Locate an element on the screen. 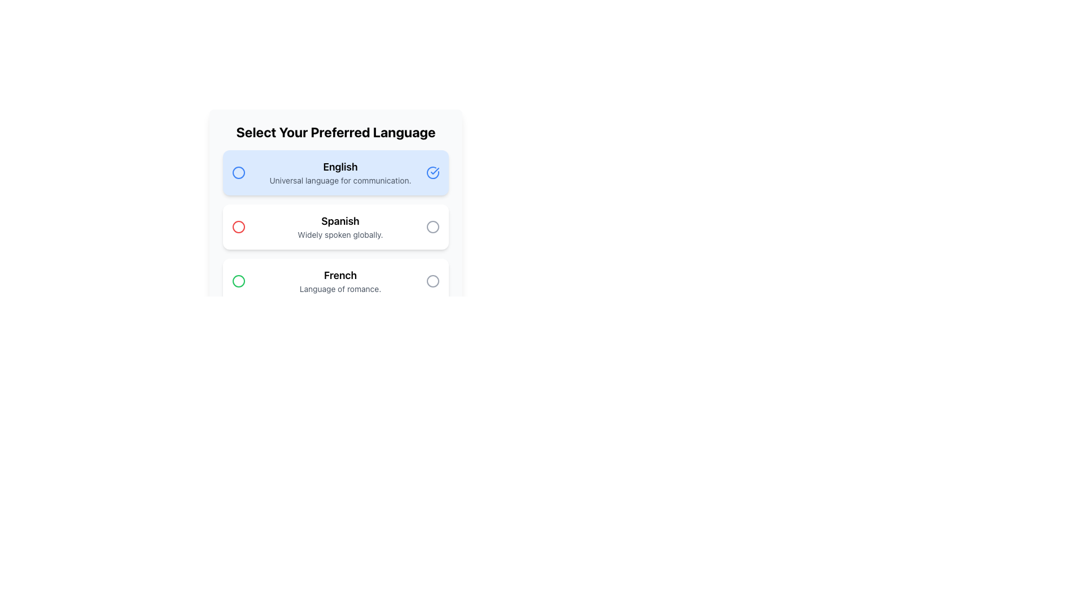  the text block for the language selection option labeled 'Spanish', which is located in the second section of a vertically-aligned list of language options is located at coordinates (340, 226).